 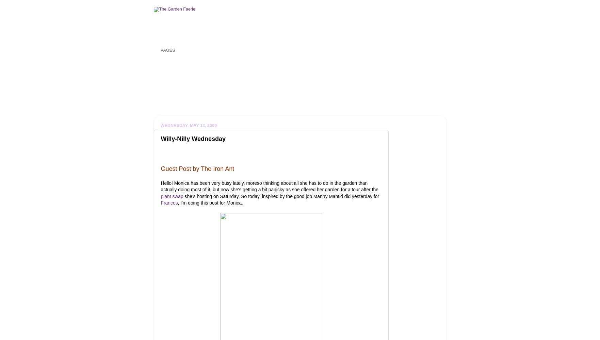 I want to click on 'Hello! Monica has been very busy lately, moreso thinking about all she has to do in the garden than actually doing most of it, but now she's getting a bit panicky as she offered her garden for a tour after the', so click(x=269, y=185).